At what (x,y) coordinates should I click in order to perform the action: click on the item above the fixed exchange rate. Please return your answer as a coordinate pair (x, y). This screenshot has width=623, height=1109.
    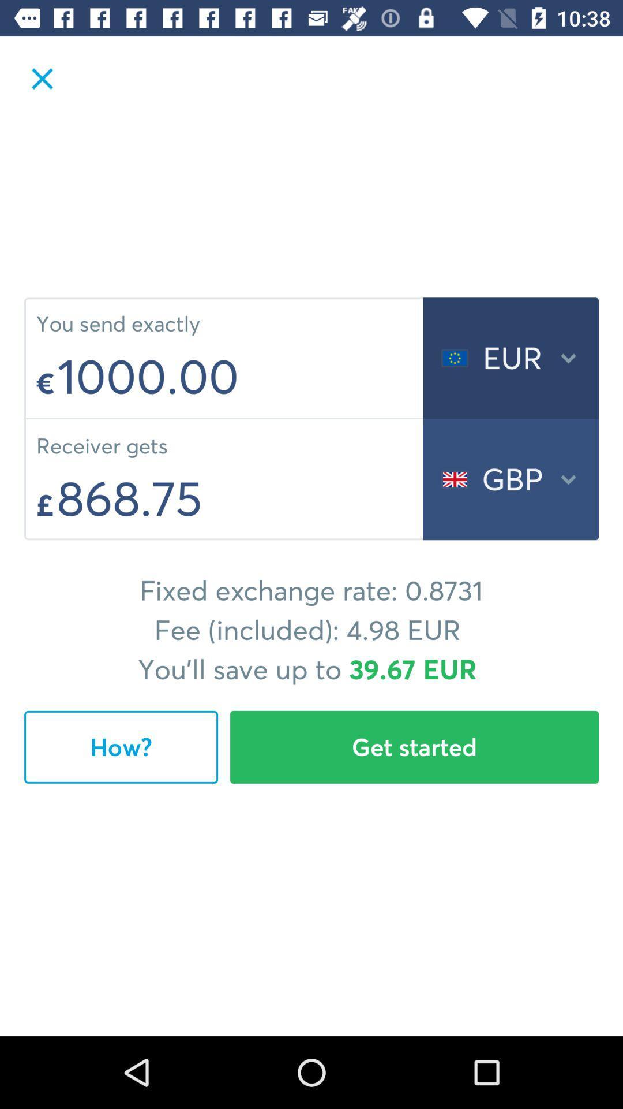
    Looking at the image, I should click on (236, 498).